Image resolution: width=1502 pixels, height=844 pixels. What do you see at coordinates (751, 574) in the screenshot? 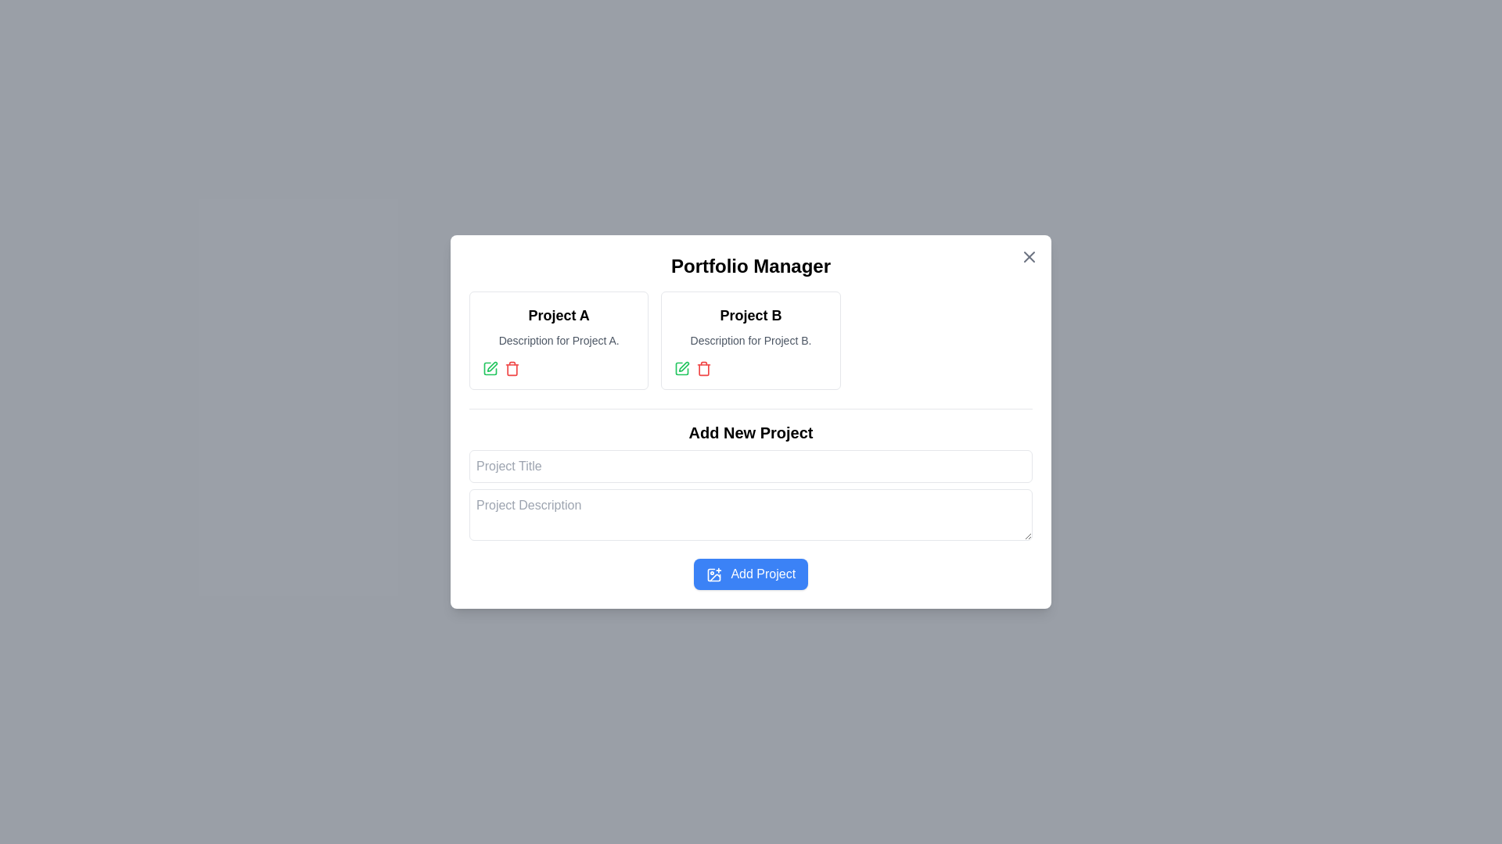
I see `the 'Add New Project' button located at the bottom of the card section to provide visual feedback` at bounding box center [751, 574].